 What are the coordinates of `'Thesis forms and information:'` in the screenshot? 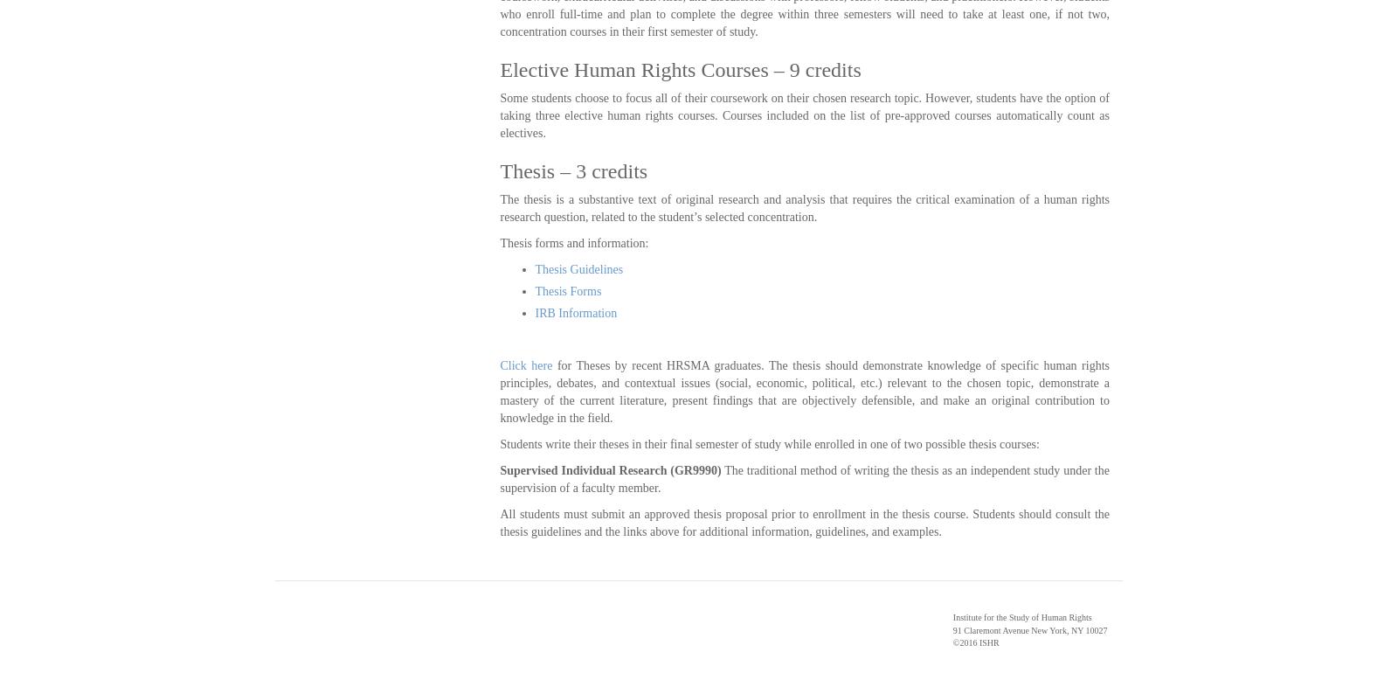 It's located at (499, 243).